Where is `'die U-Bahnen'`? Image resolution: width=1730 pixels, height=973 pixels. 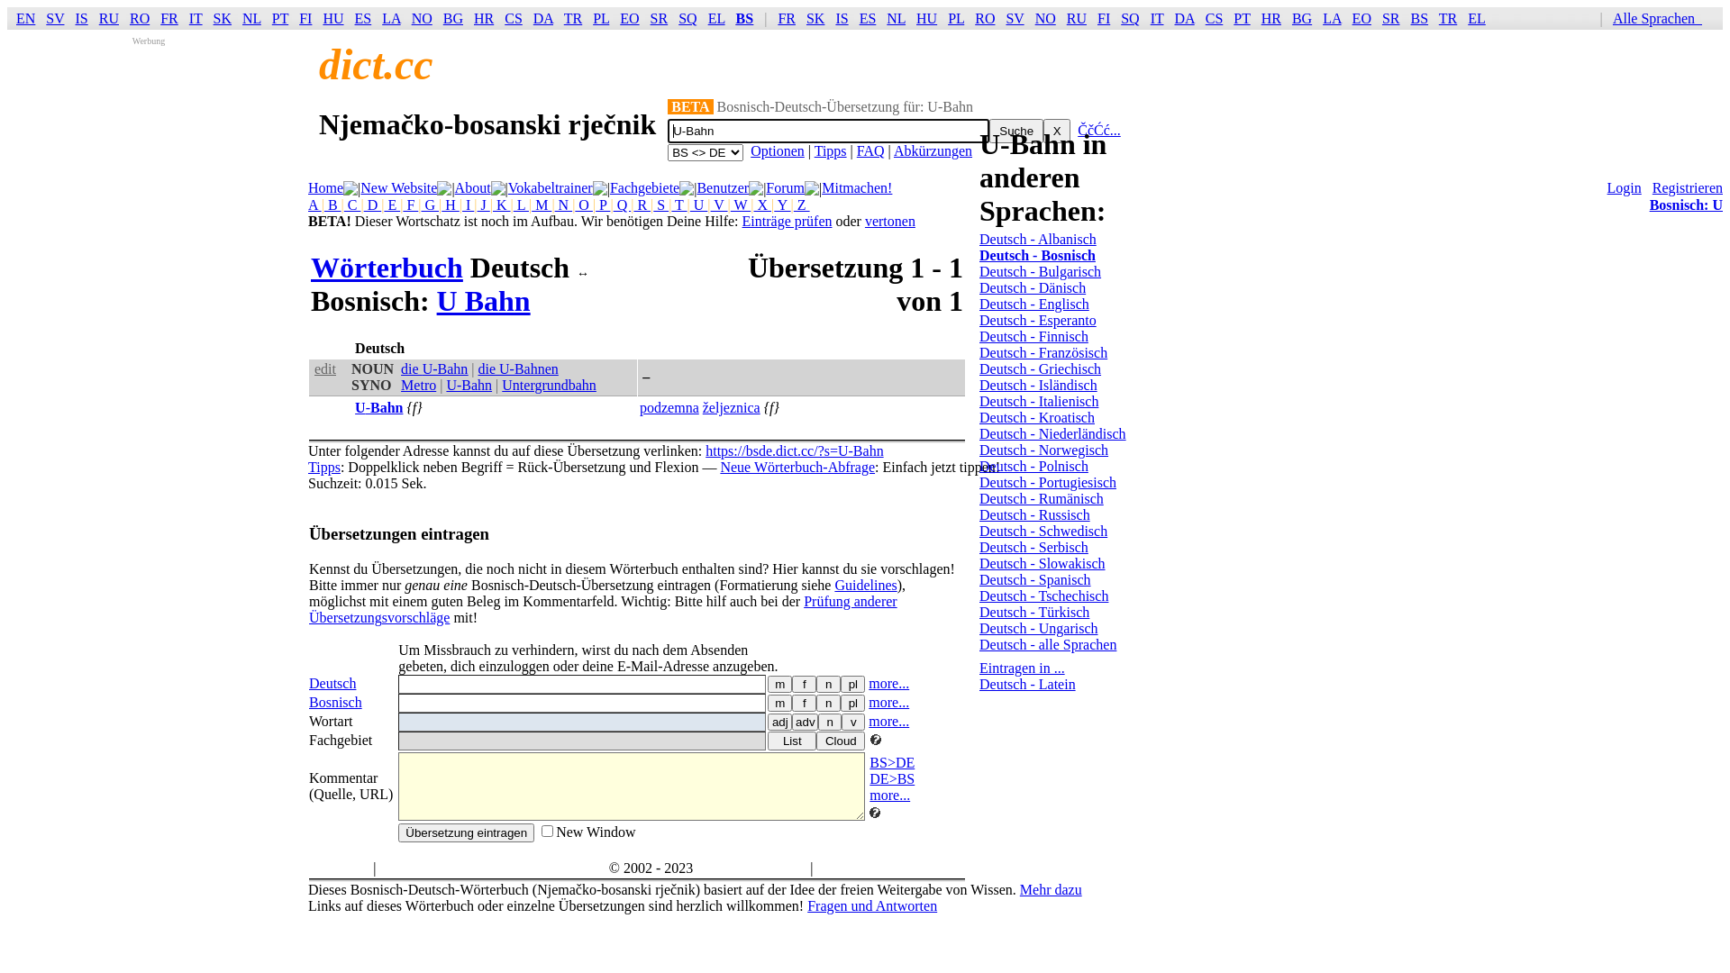
'die U-Bahnen' is located at coordinates (517, 368).